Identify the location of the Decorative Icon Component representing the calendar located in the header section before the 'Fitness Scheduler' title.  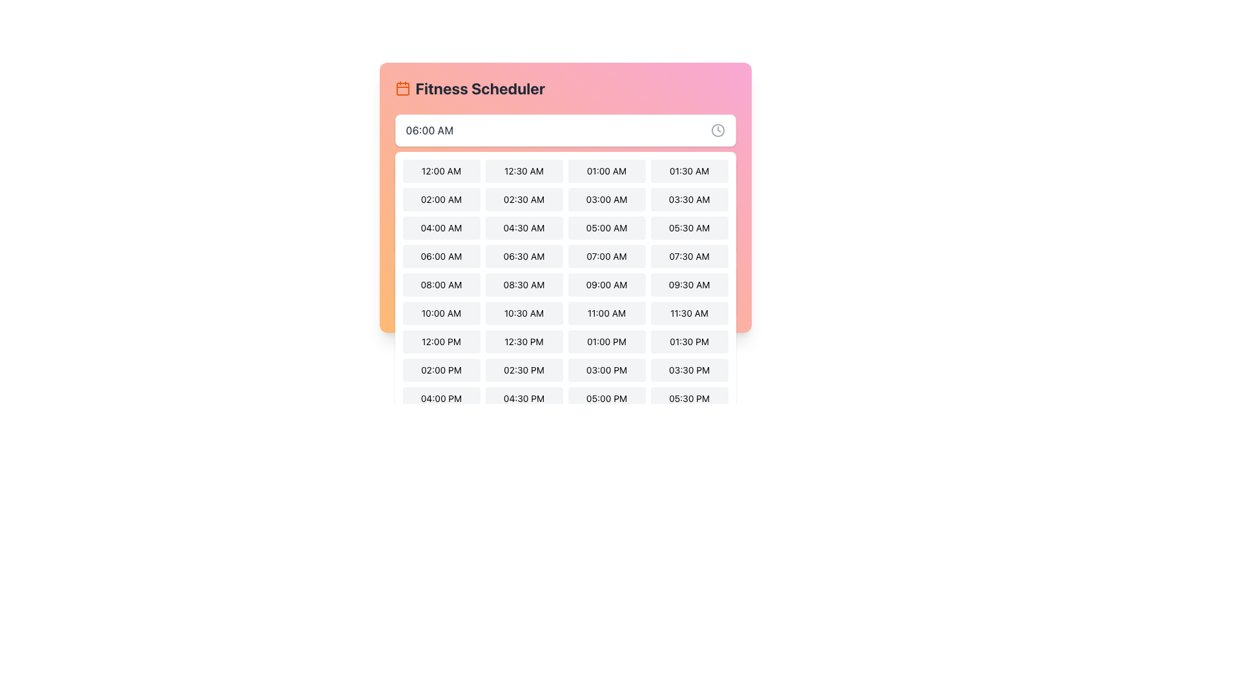
(402, 89).